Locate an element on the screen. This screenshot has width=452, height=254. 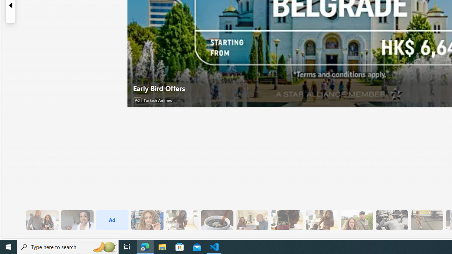
'7 They Don' is located at coordinates (321, 220).